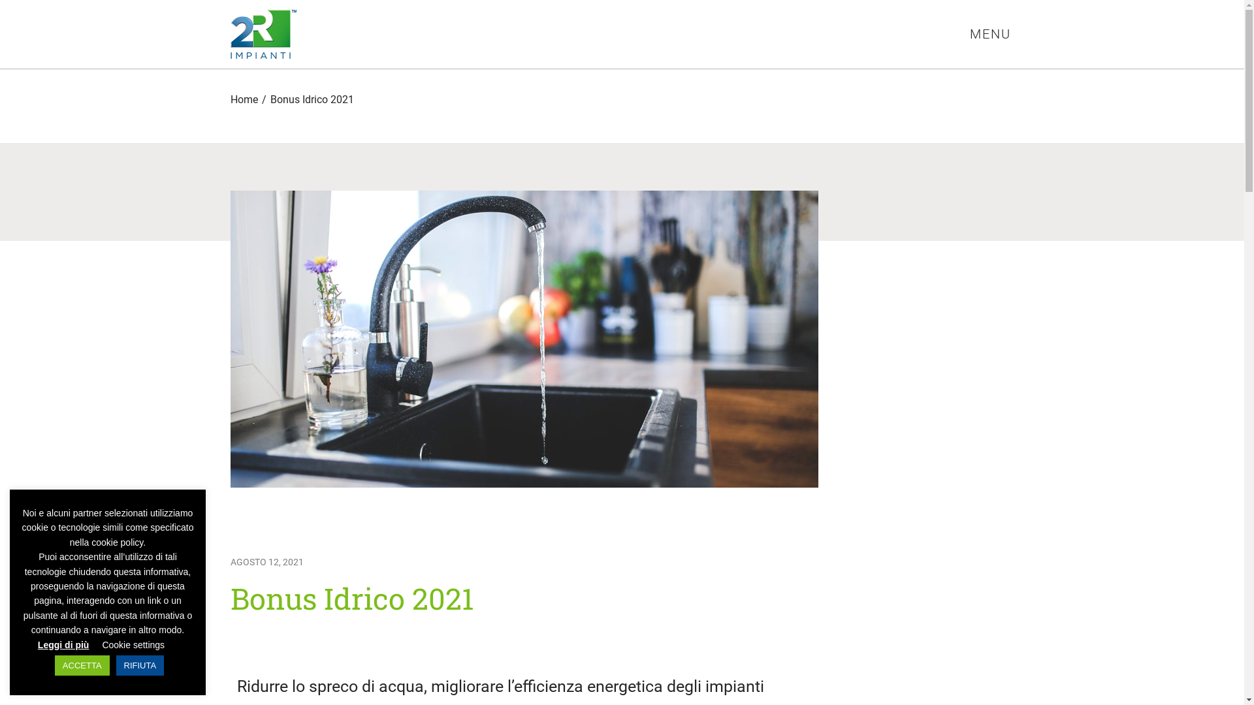  I want to click on 'ACCETTA', so click(81, 665).